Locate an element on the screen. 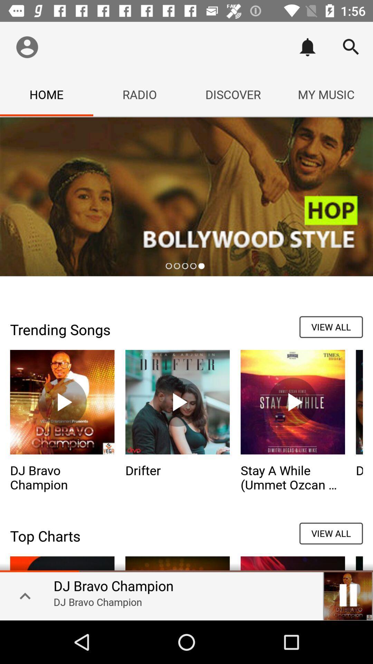 The width and height of the screenshot is (373, 664). the pause icon is located at coordinates (348, 595).